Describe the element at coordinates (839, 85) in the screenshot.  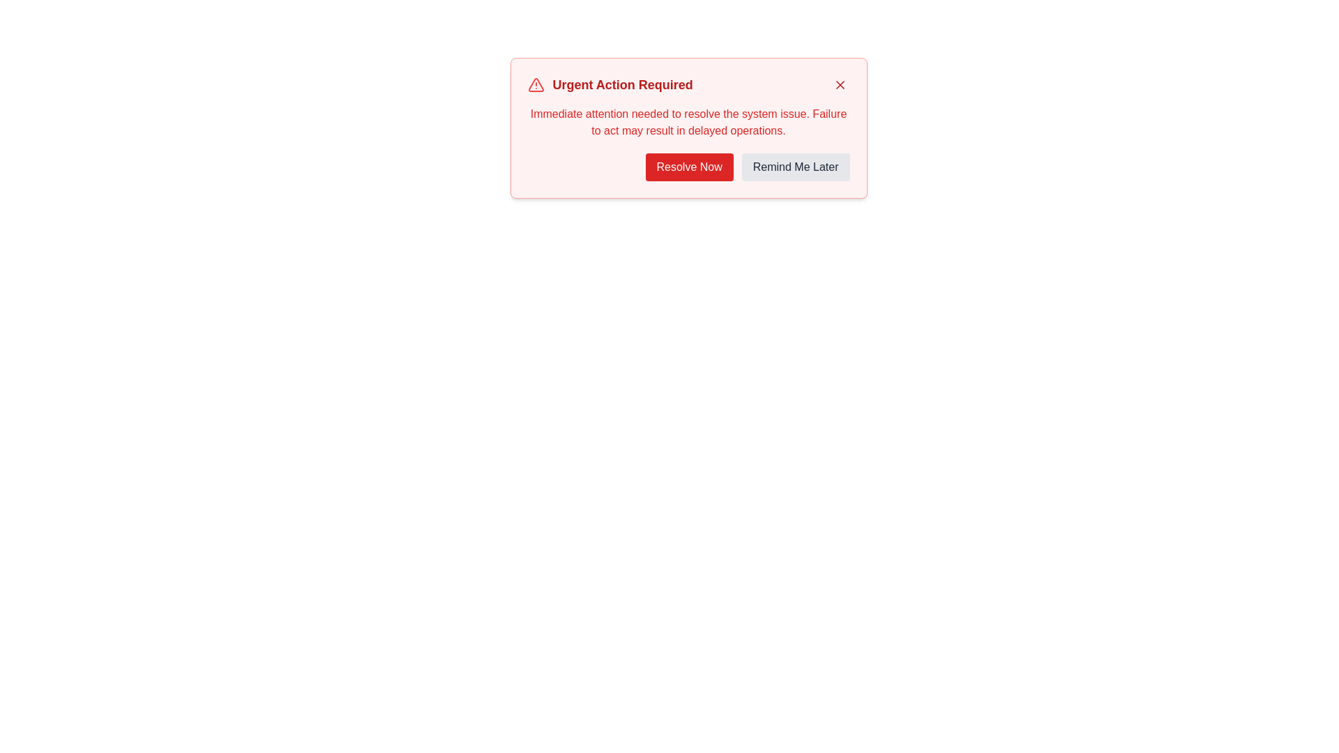
I see `the red 'X' icon button located in the top-right corner of the alert box titled 'Urgent Action Required'` at that location.